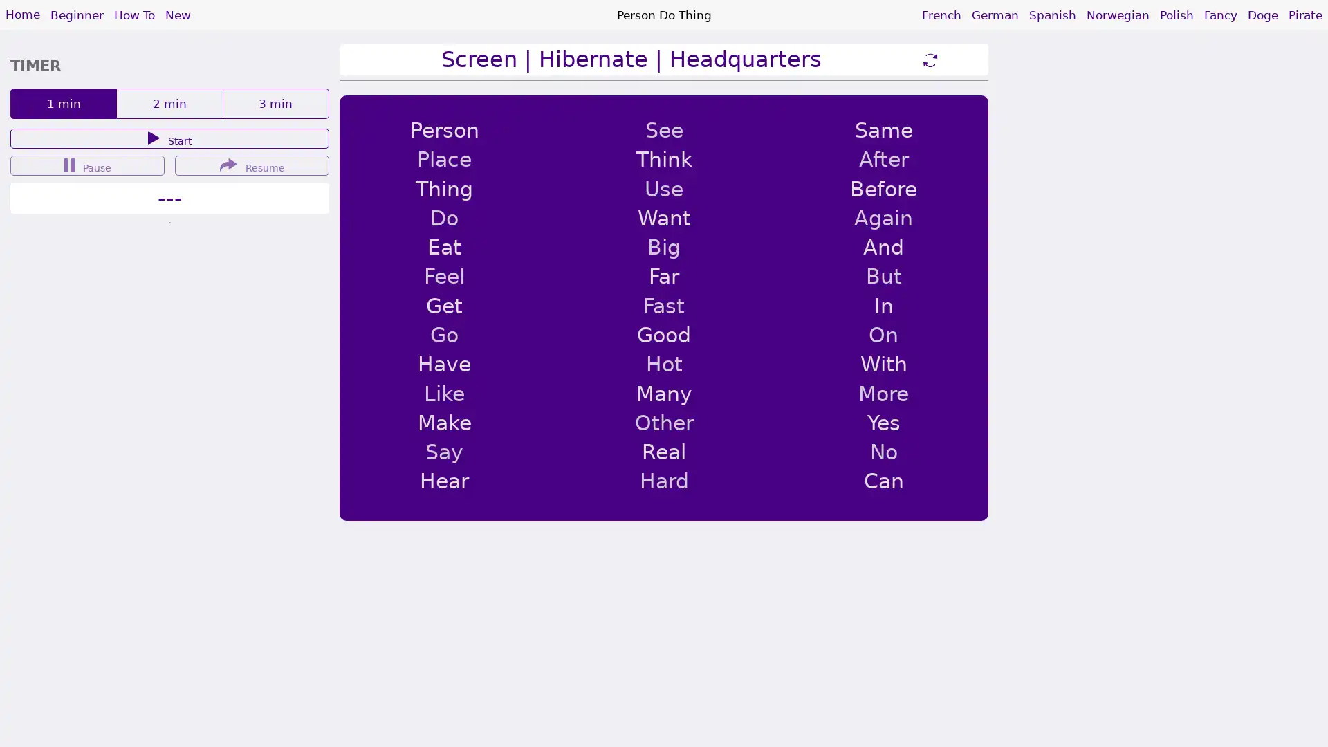 The height and width of the screenshot is (747, 1328). What do you see at coordinates (86, 165) in the screenshot?
I see `pause_fill   Pause` at bounding box center [86, 165].